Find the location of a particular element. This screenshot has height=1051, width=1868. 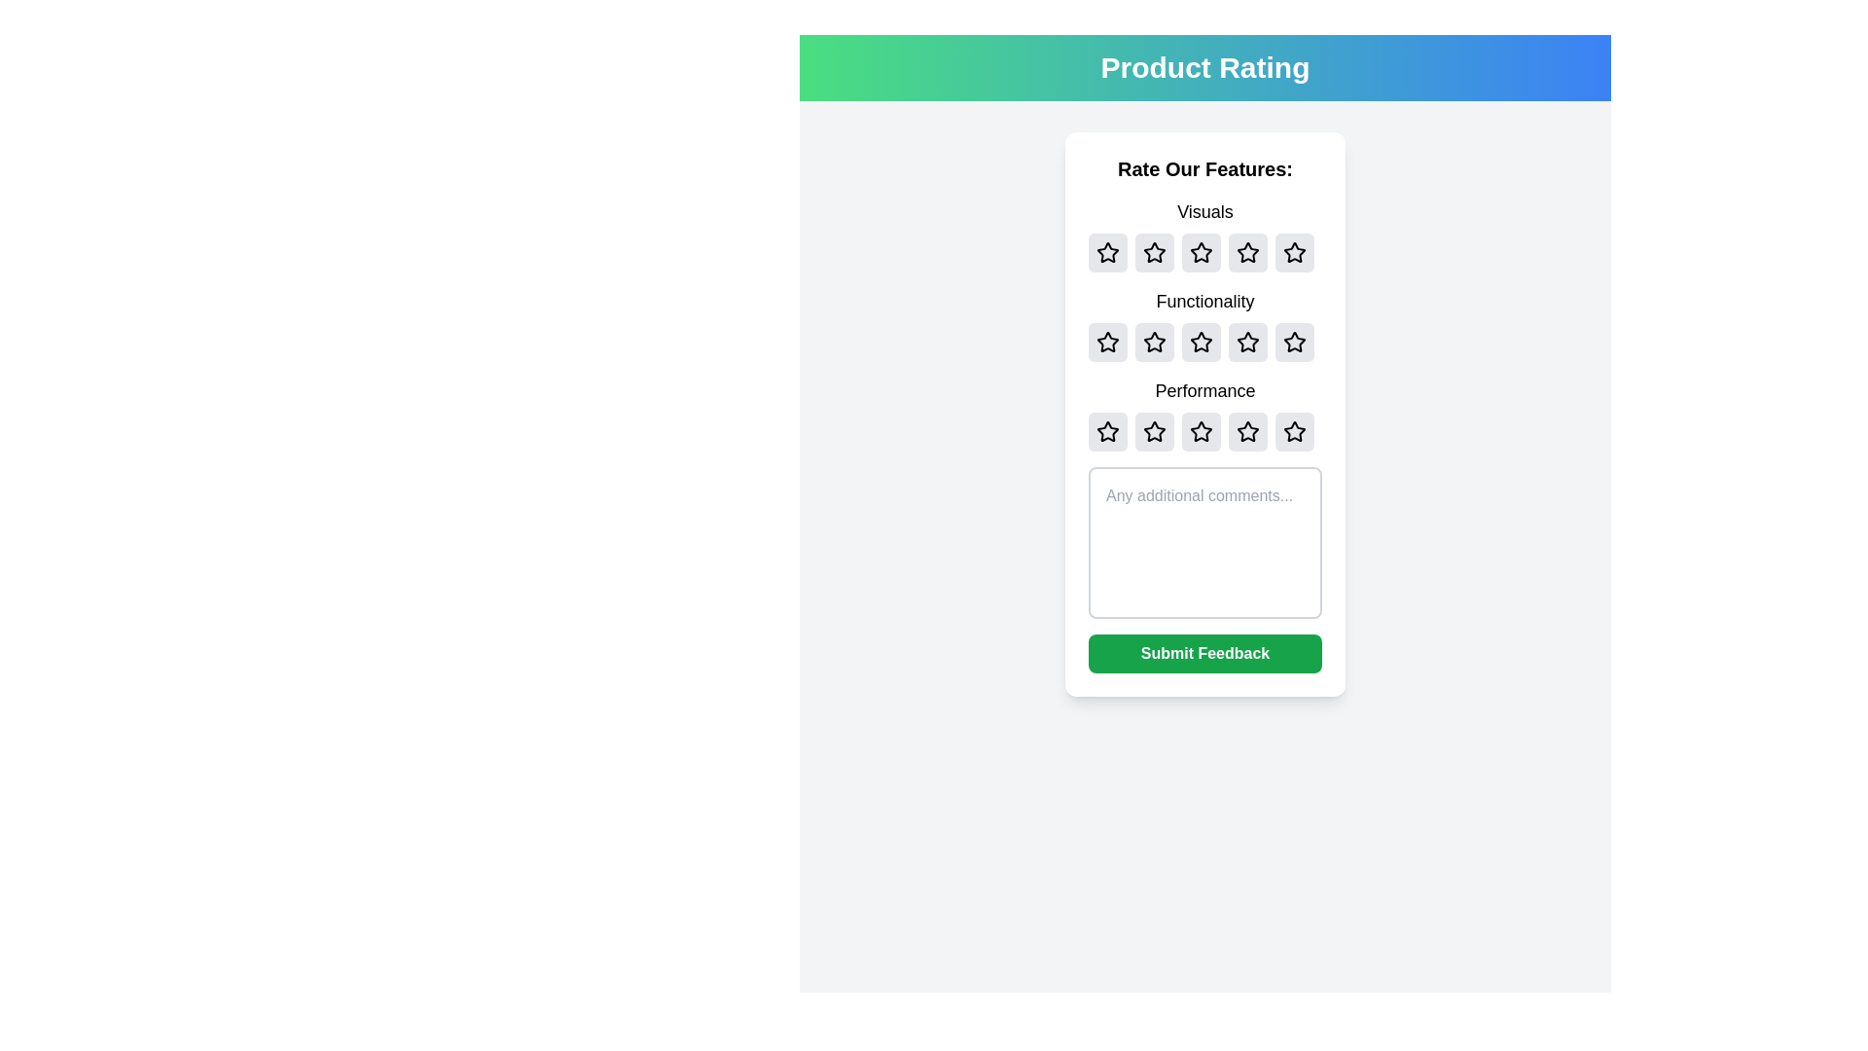

the fifth button in the rating interface is located at coordinates (1294, 341).